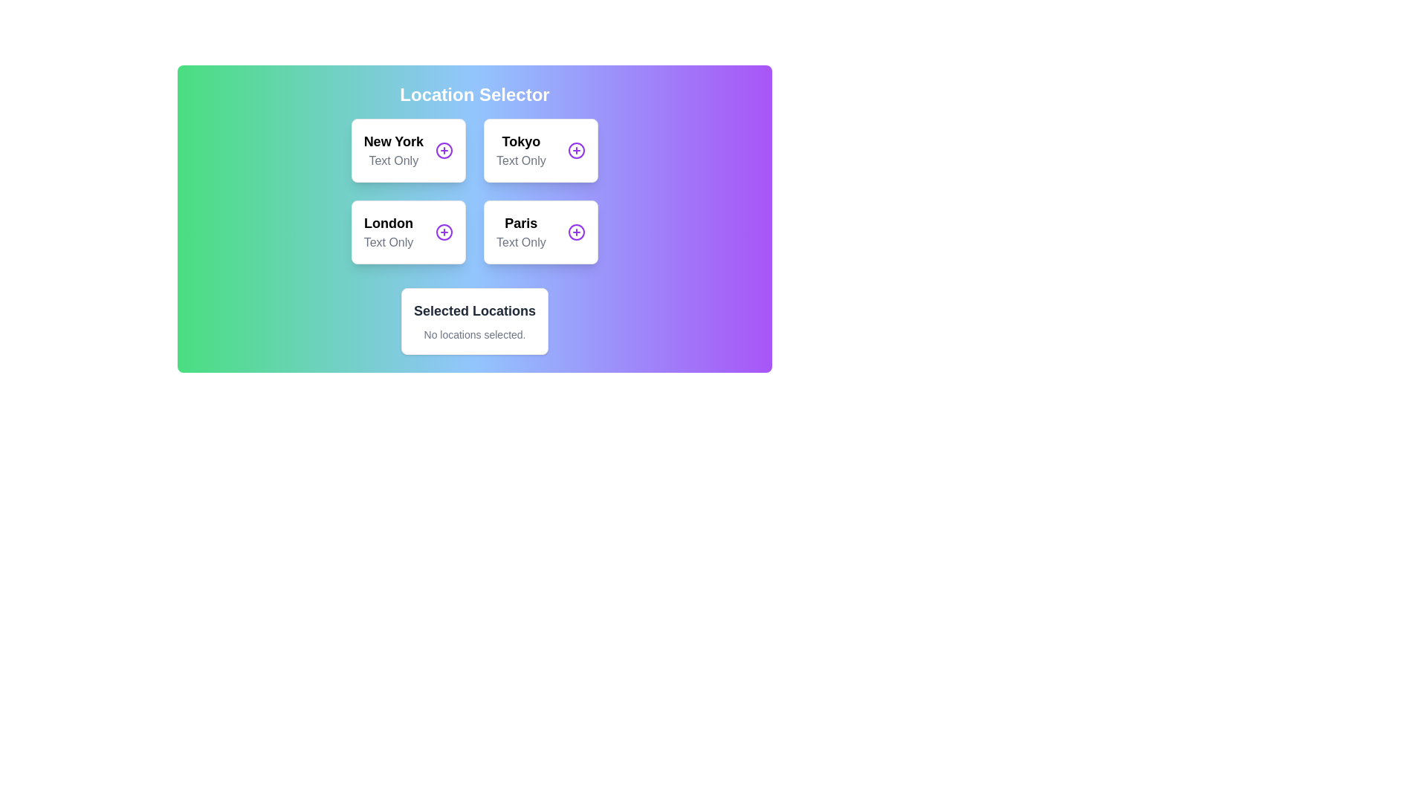 This screenshot has width=1427, height=802. What do you see at coordinates (576, 232) in the screenshot?
I see `the circular action button with a purple border and a white plus symbol located in the bottom-right corner of the 'Paris' card` at bounding box center [576, 232].